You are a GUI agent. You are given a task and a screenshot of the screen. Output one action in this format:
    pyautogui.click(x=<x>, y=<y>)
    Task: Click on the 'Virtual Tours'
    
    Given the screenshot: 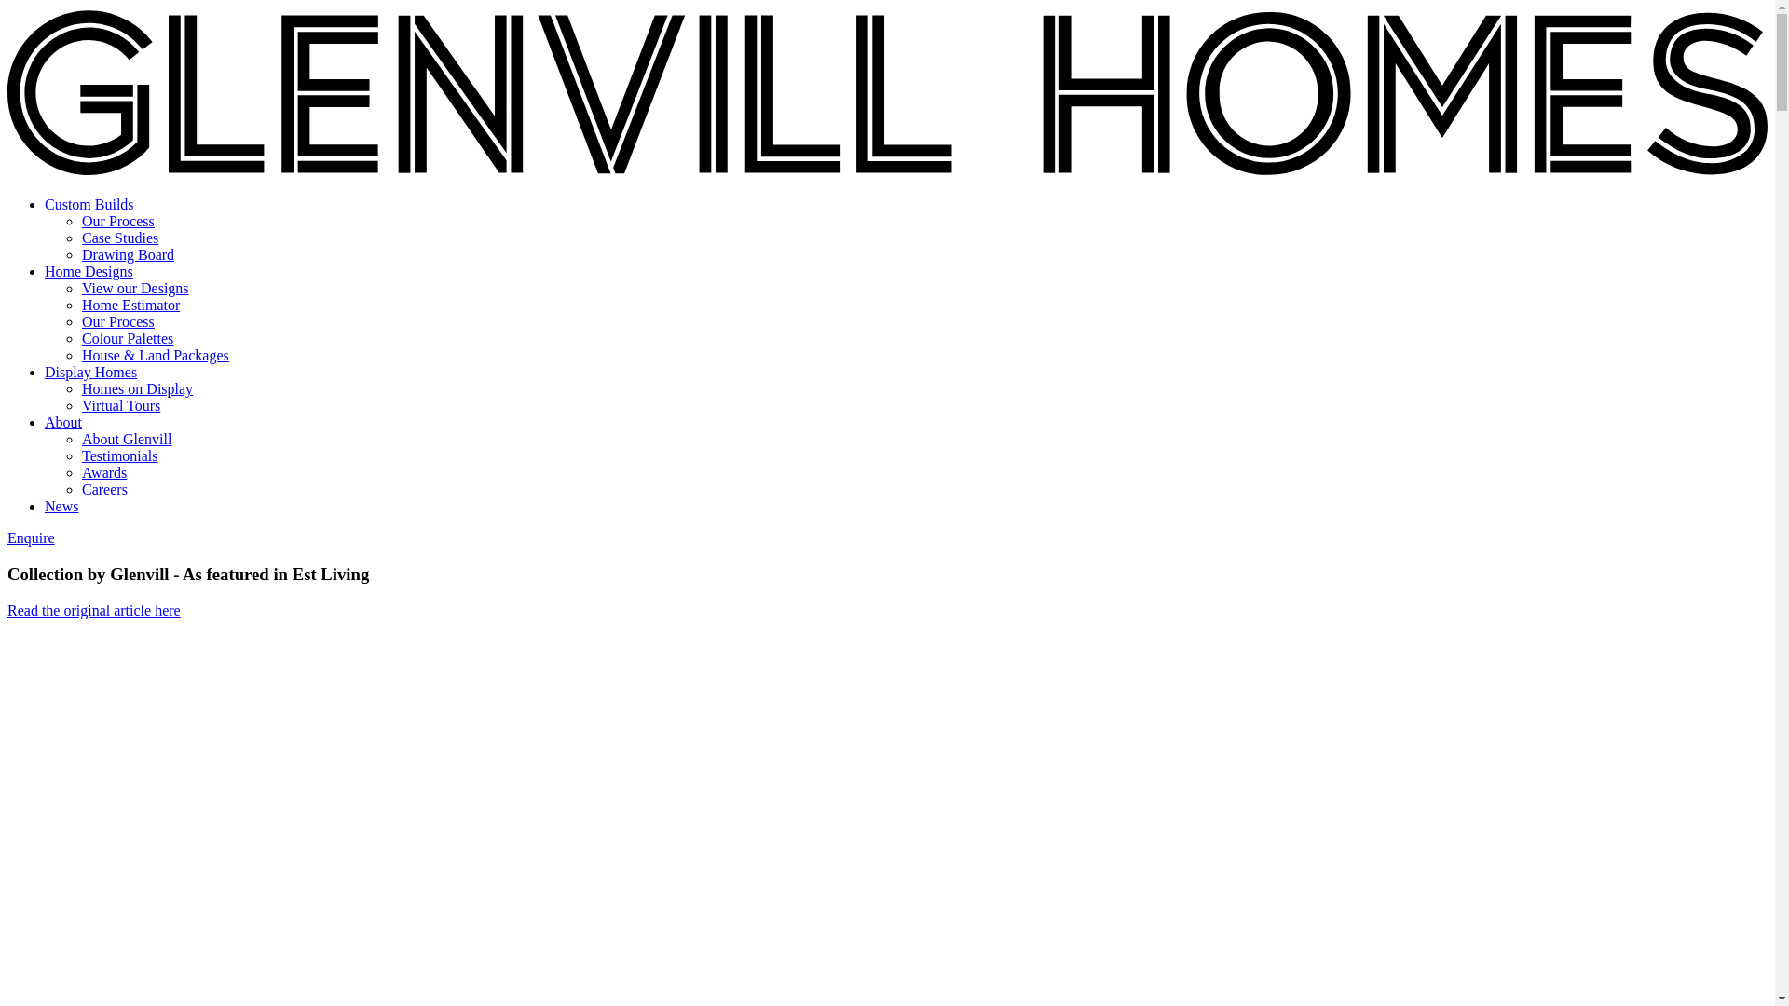 What is the action you would take?
    pyautogui.click(x=119, y=404)
    